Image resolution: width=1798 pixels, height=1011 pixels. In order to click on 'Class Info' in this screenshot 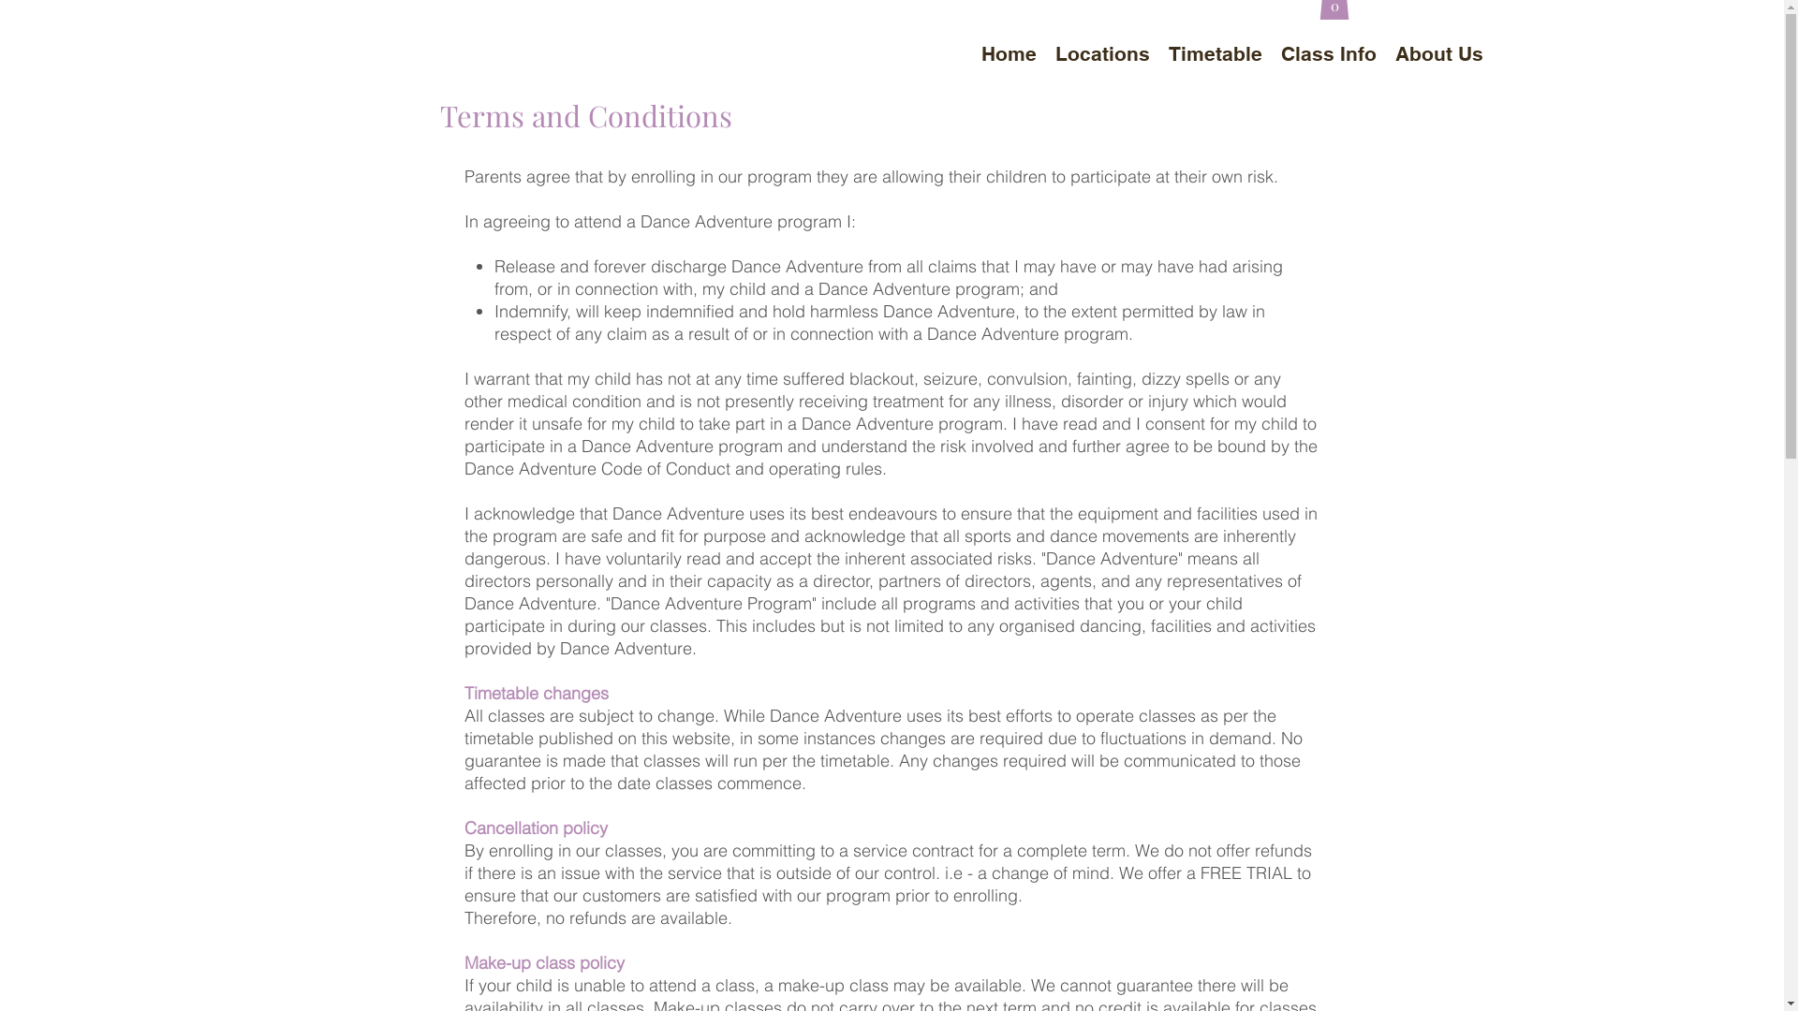, I will do `click(1328, 52)`.